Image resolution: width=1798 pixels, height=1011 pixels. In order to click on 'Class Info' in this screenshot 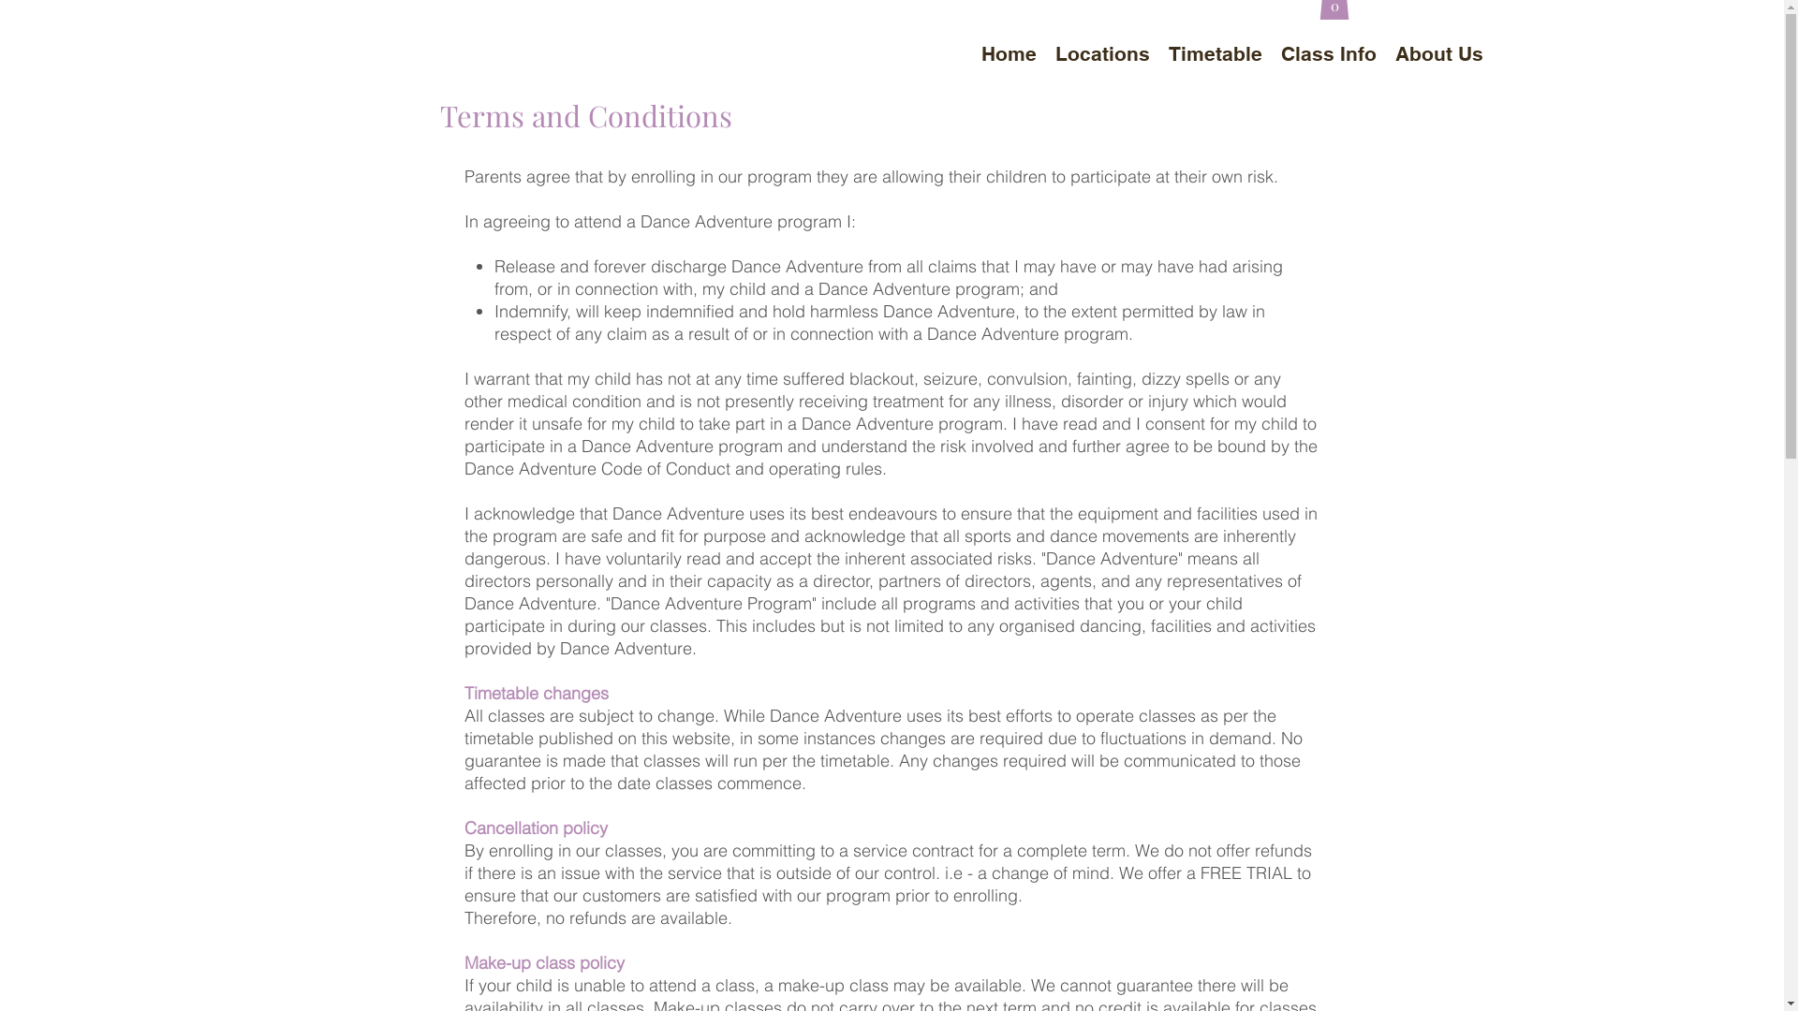, I will do `click(1328, 52)`.